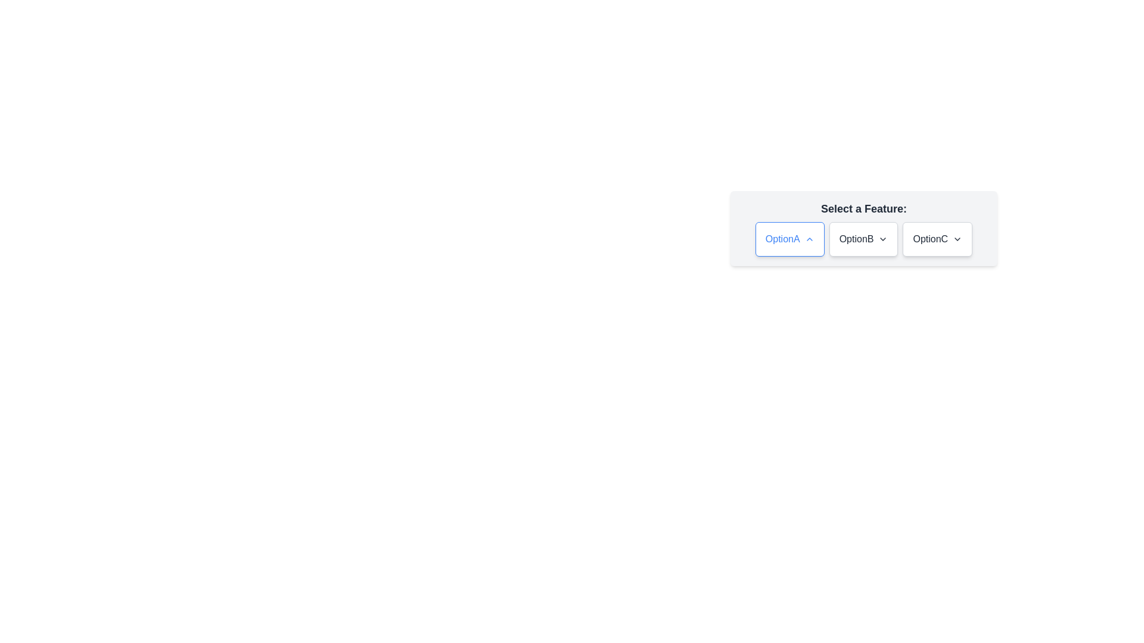 This screenshot has width=1144, height=643. Describe the element at coordinates (856, 239) in the screenshot. I see `the label of the second button in the horizontal group of three buttons located in the panel labeled 'Select a Feature'` at that location.